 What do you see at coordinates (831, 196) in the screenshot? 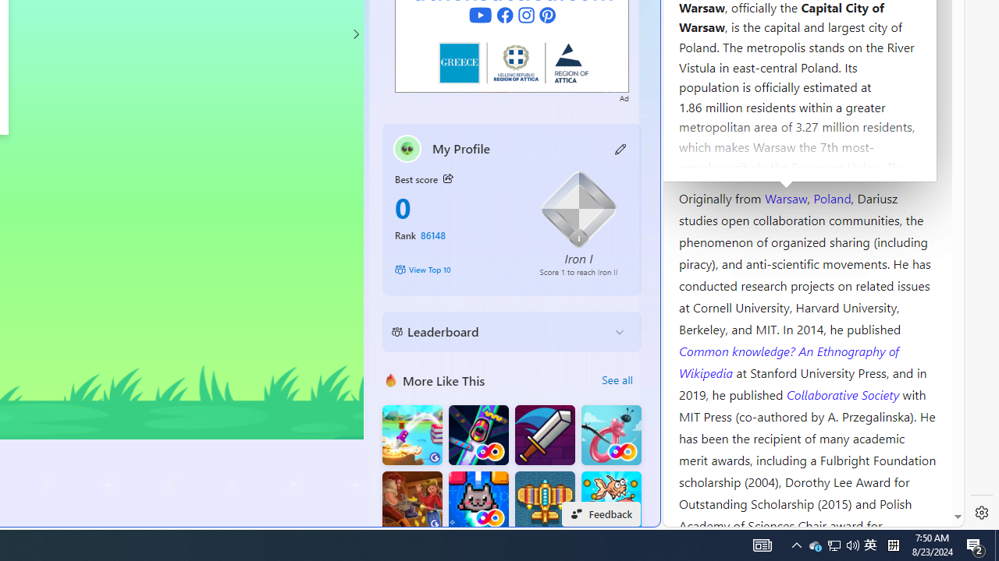
I see `'Poland'` at bounding box center [831, 196].